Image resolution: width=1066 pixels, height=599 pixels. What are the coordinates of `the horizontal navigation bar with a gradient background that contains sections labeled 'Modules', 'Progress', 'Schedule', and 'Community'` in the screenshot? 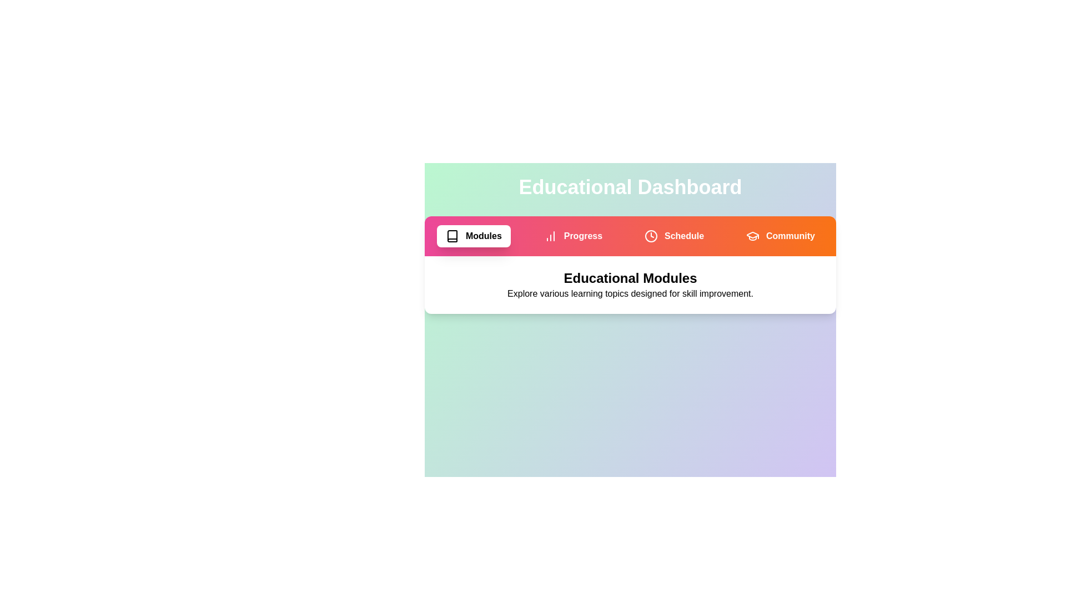 It's located at (630, 235).